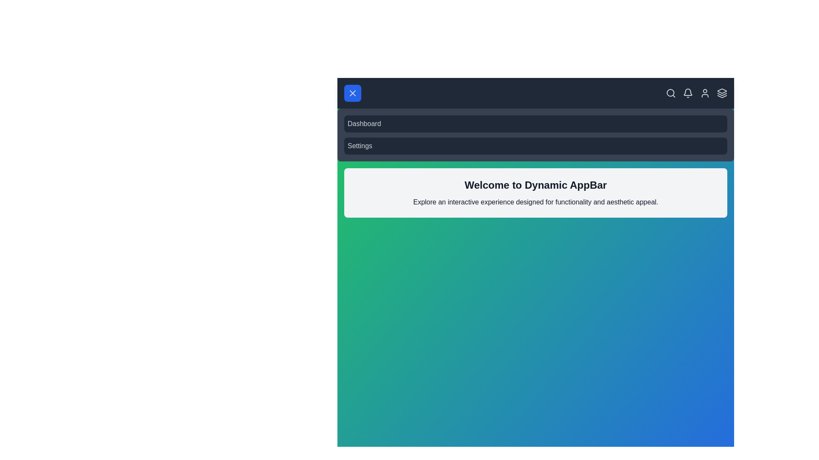 Image resolution: width=819 pixels, height=460 pixels. What do you see at coordinates (722, 93) in the screenshot?
I see `the layers icon in the app bar` at bounding box center [722, 93].